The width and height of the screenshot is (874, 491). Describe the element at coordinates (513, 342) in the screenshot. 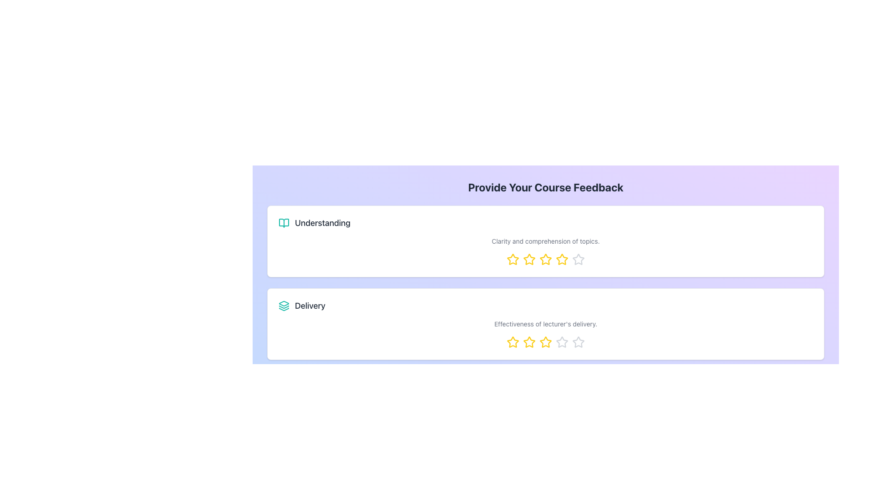

I see `the first star icon in the rating options for the 'Delivery' category` at that location.